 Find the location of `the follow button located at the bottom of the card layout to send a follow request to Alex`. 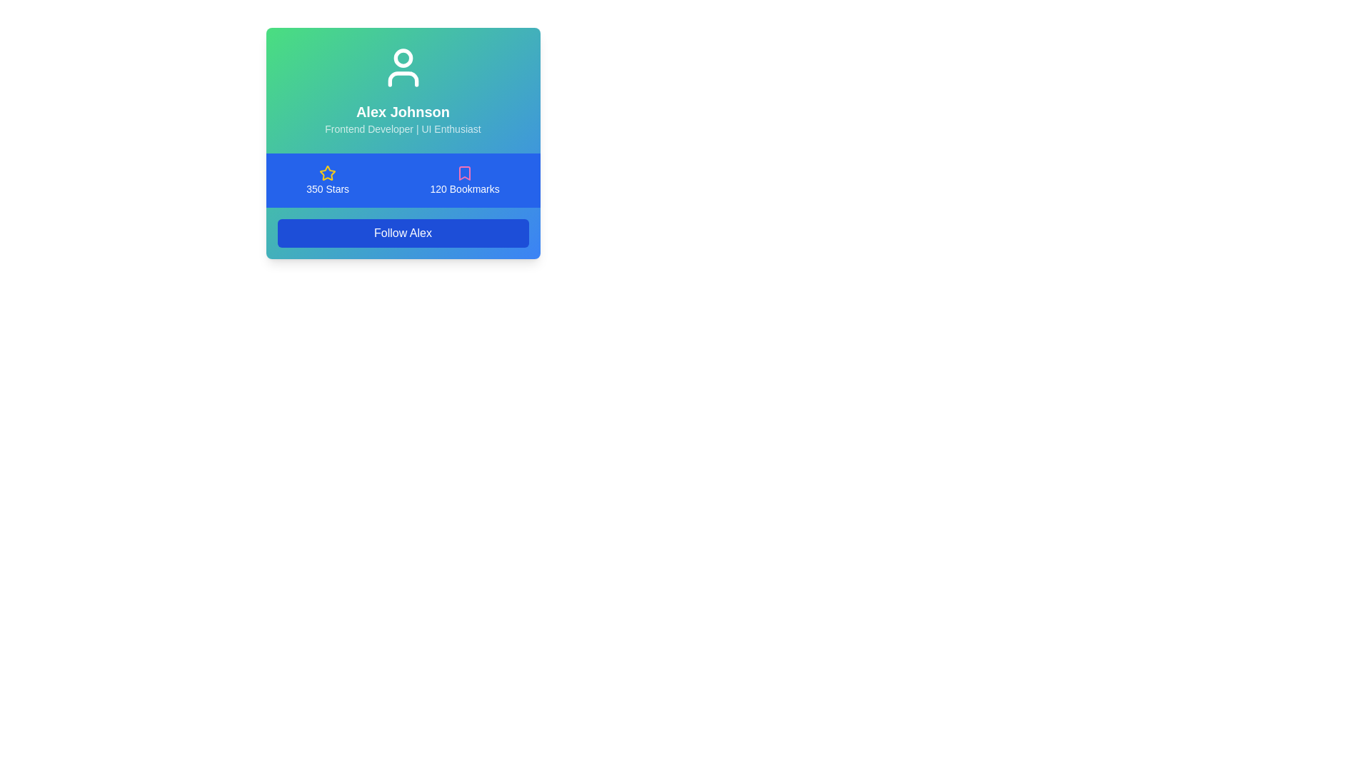

the follow button located at the bottom of the card layout to send a follow request to Alex is located at coordinates (402, 233).